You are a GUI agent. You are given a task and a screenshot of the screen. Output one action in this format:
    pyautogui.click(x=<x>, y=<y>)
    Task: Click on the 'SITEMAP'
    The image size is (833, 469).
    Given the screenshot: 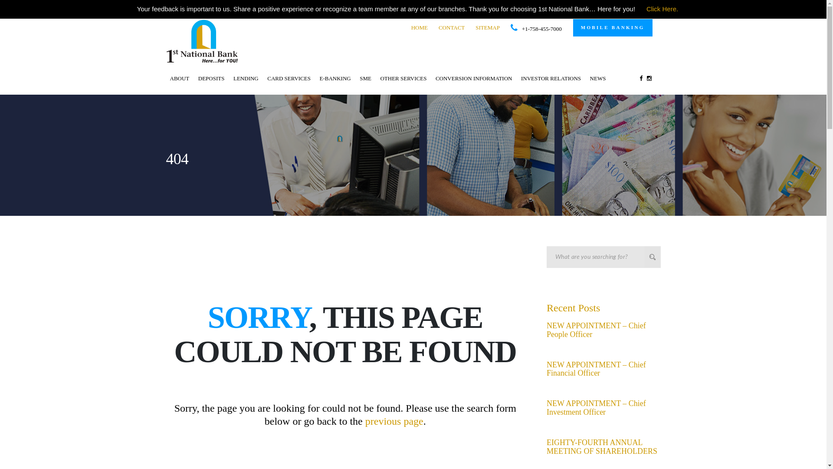 What is the action you would take?
    pyautogui.click(x=487, y=27)
    